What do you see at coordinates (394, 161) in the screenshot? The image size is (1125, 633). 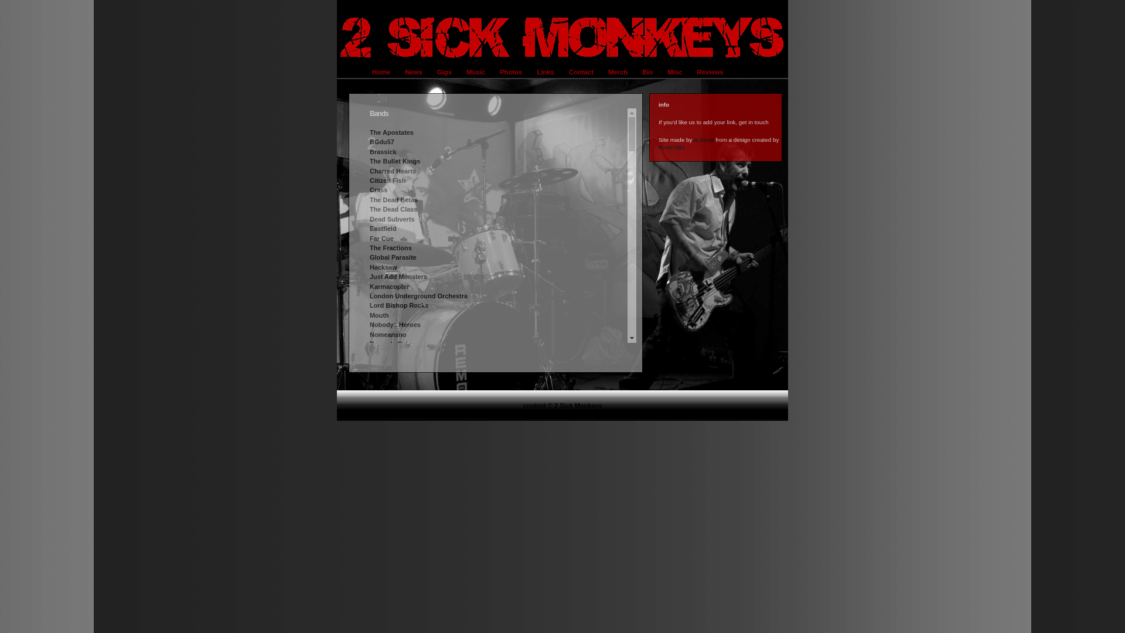 I see `'The Bullet Kings'` at bounding box center [394, 161].